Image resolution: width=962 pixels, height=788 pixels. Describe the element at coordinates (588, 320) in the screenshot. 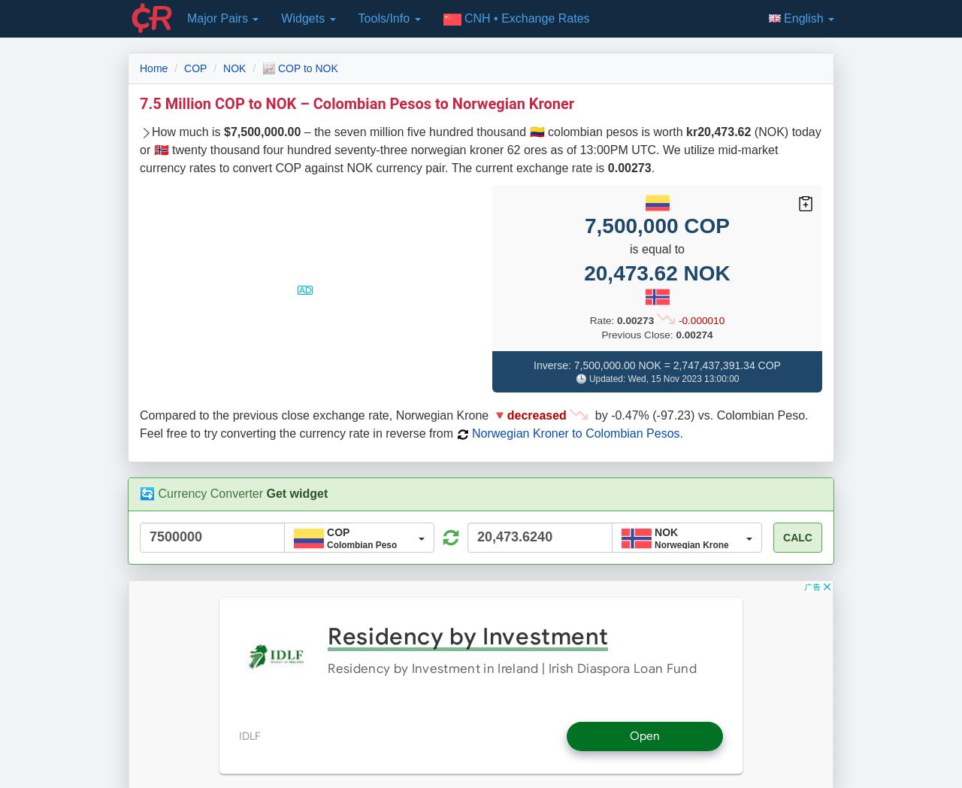

I see `'Rate:'` at that location.